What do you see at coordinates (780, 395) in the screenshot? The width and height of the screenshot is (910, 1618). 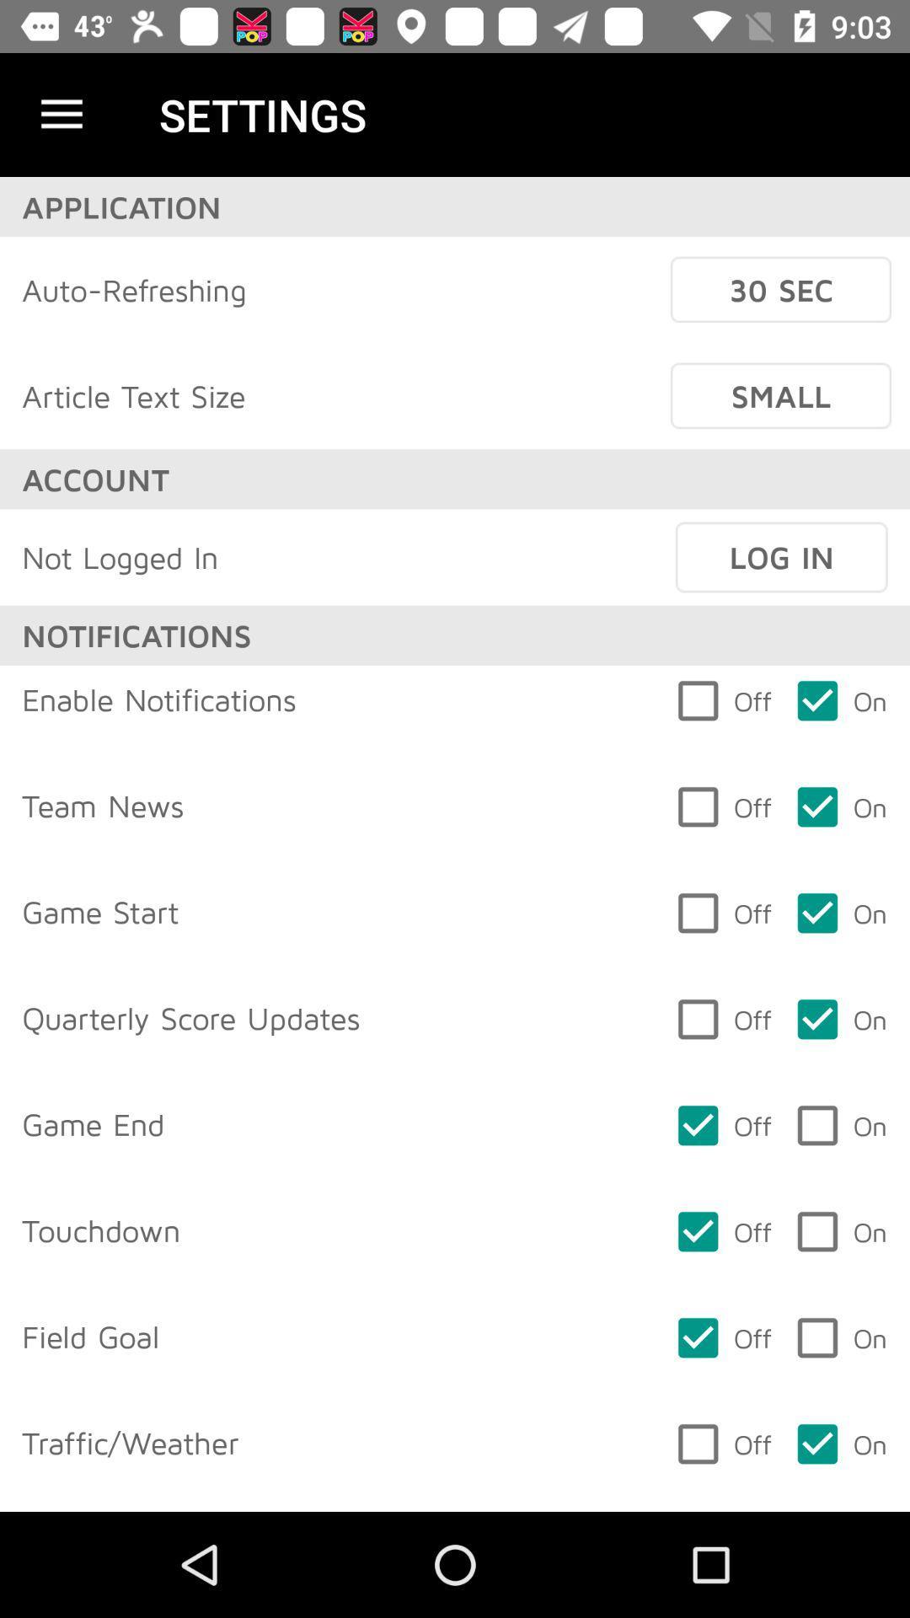 I see `small below 30 sec` at bounding box center [780, 395].